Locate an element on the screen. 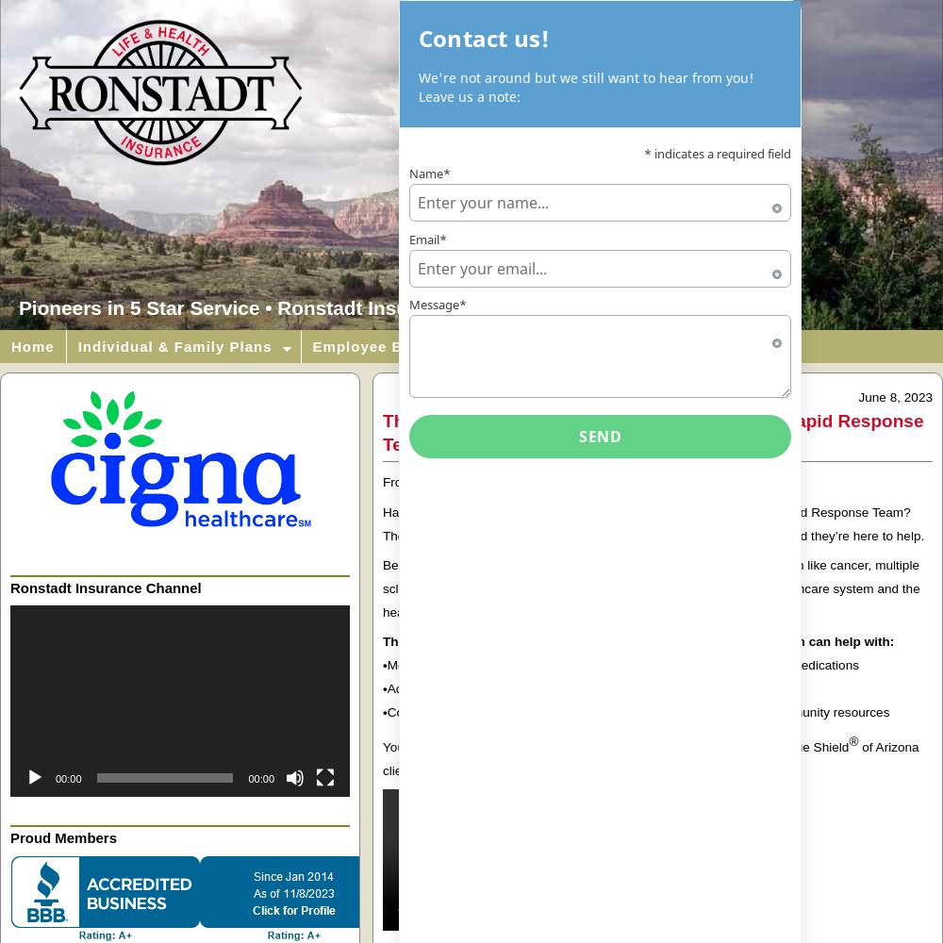 The height and width of the screenshot is (943, 943). 'Have you heard about the Blue Cross Blue Shield of Arizona Clinical Rapid Response Team? Their members who are experiencing a health scare deserve answers, and they’re here to help.' is located at coordinates (654, 523).